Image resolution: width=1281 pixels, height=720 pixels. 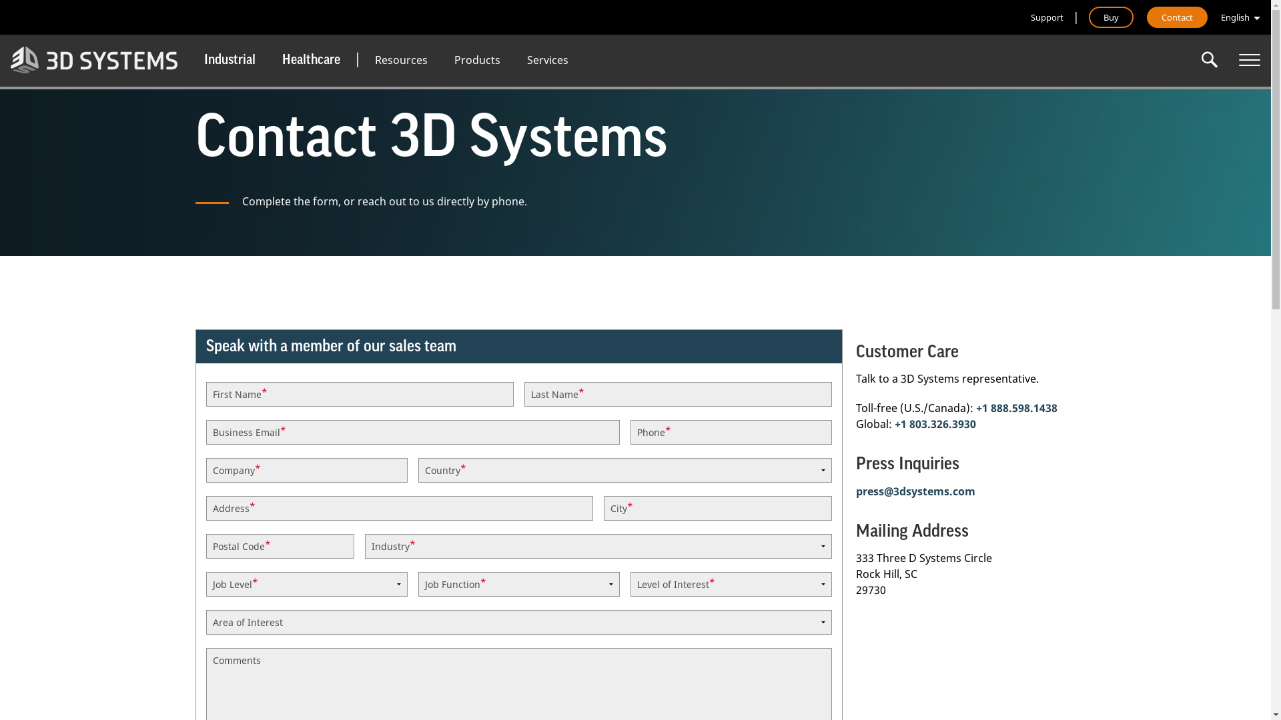 What do you see at coordinates (1030, 17) in the screenshot?
I see `'Support'` at bounding box center [1030, 17].